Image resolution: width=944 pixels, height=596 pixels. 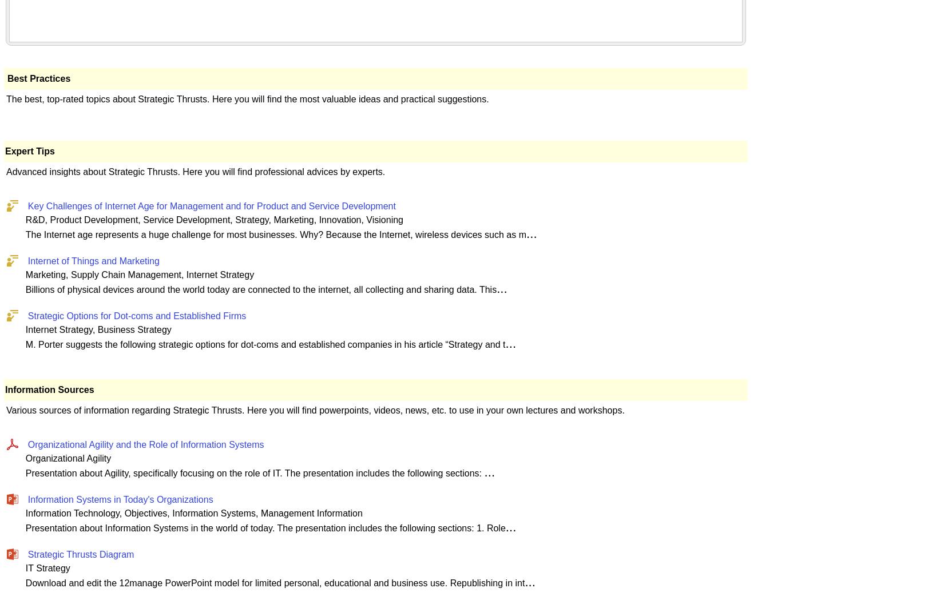 I want to click on 'Download and edit the 12manage PowerPoint model for limited personal, educational and business use.
Republishing in int', so click(x=274, y=582).